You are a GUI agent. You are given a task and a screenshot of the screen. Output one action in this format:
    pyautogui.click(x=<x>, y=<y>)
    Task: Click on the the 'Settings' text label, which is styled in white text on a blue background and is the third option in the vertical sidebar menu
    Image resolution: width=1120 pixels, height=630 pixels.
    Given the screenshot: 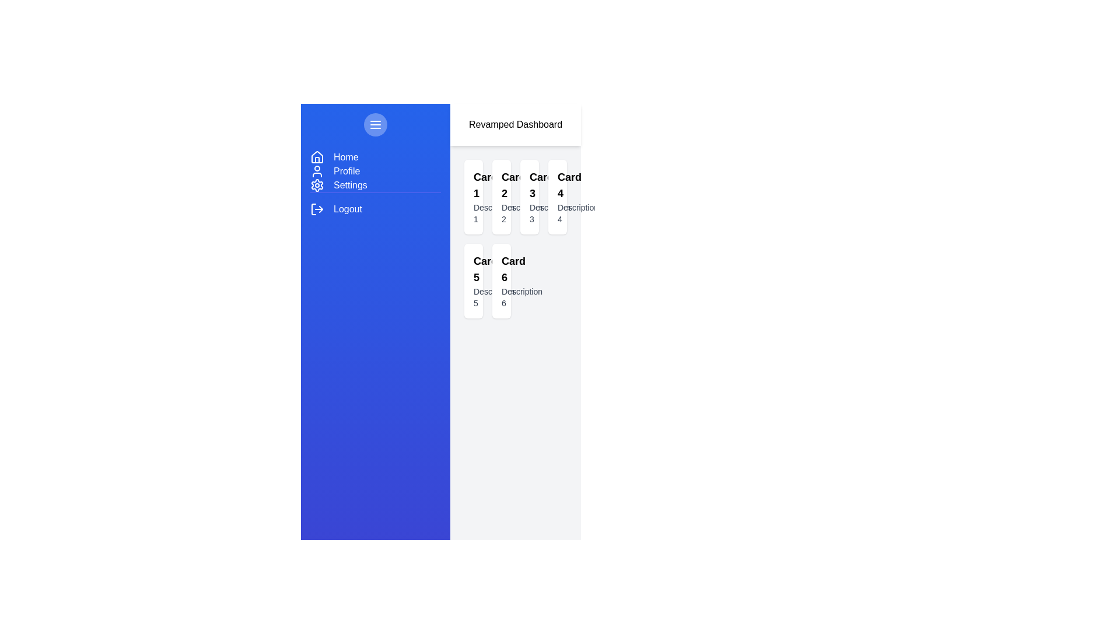 What is the action you would take?
    pyautogui.click(x=349, y=184)
    